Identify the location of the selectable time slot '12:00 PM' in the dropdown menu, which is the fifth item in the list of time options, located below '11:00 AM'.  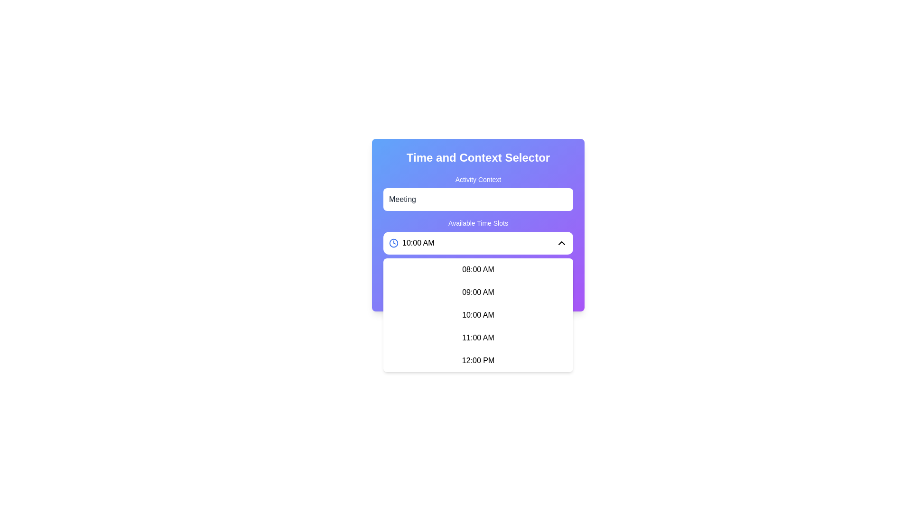
(478, 360).